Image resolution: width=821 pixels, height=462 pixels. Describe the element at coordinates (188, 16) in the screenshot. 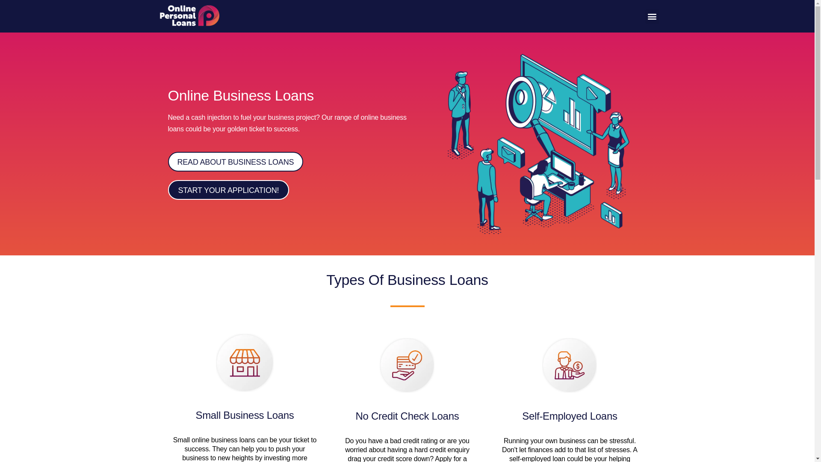

I see `'online-personal-loans-logox2.png'` at that location.